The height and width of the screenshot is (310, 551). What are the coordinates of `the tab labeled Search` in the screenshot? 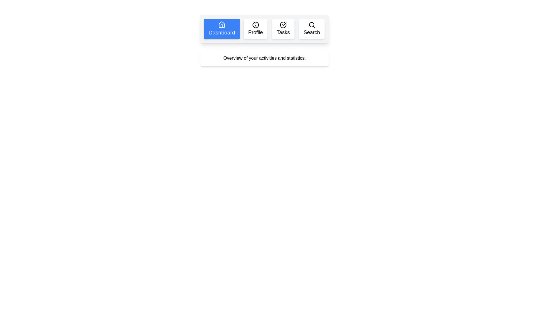 It's located at (311, 29).